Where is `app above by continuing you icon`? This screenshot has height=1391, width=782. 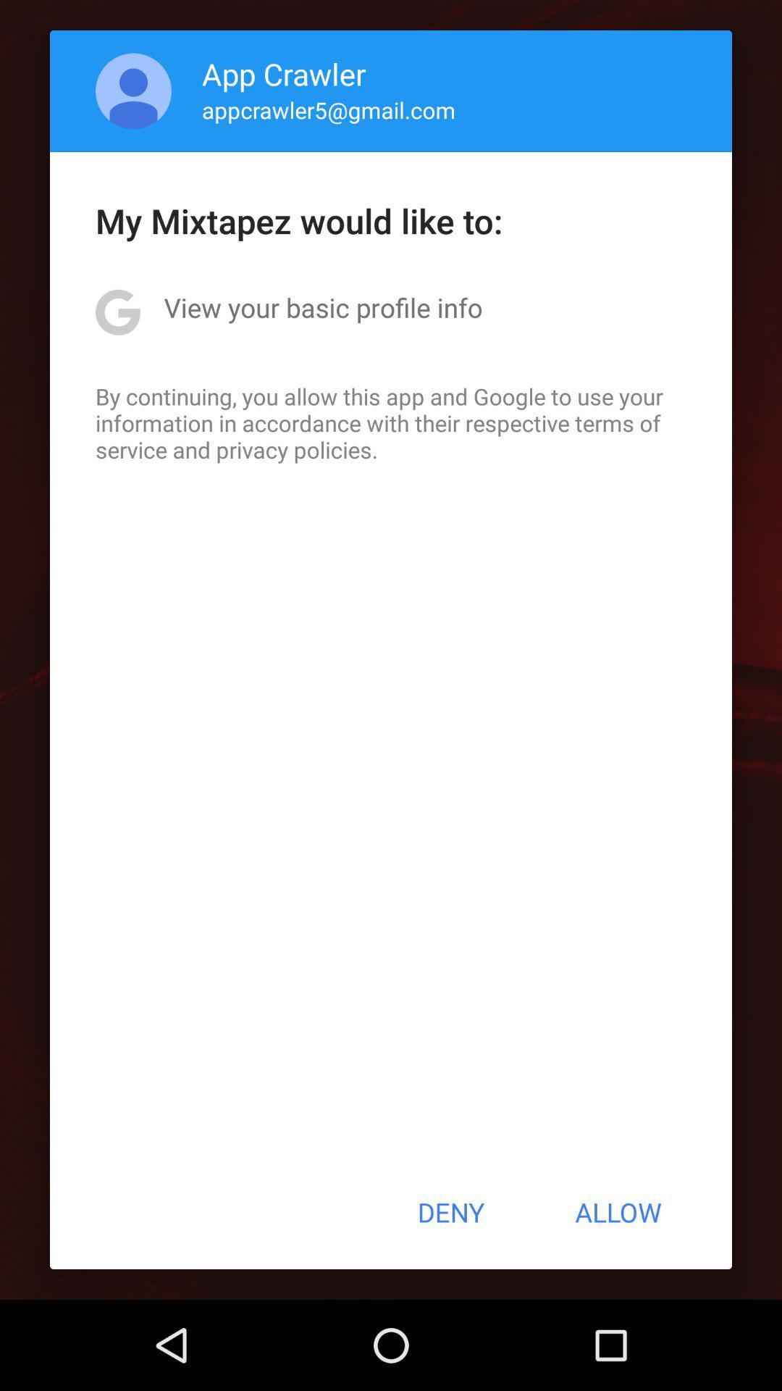
app above by continuing you icon is located at coordinates (322, 306).